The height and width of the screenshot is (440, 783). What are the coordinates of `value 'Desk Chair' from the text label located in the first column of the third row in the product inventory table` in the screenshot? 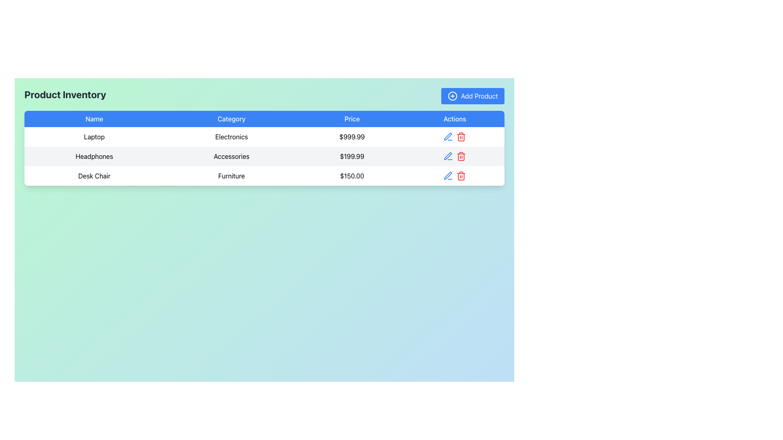 It's located at (94, 176).